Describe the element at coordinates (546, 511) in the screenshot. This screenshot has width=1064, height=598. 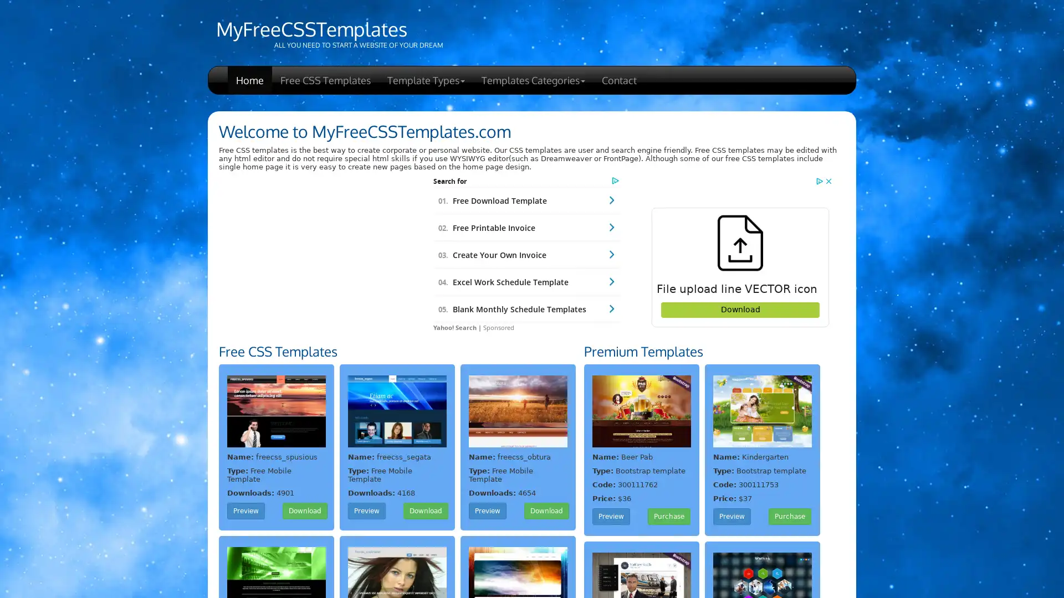
I see `Download` at that location.